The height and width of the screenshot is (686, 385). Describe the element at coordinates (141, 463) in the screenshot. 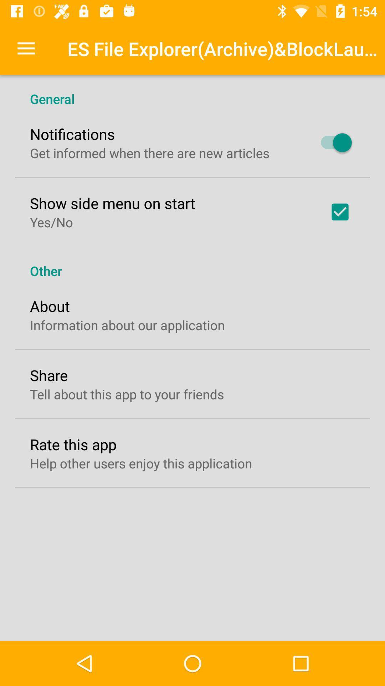

I see `the help other users item` at that location.